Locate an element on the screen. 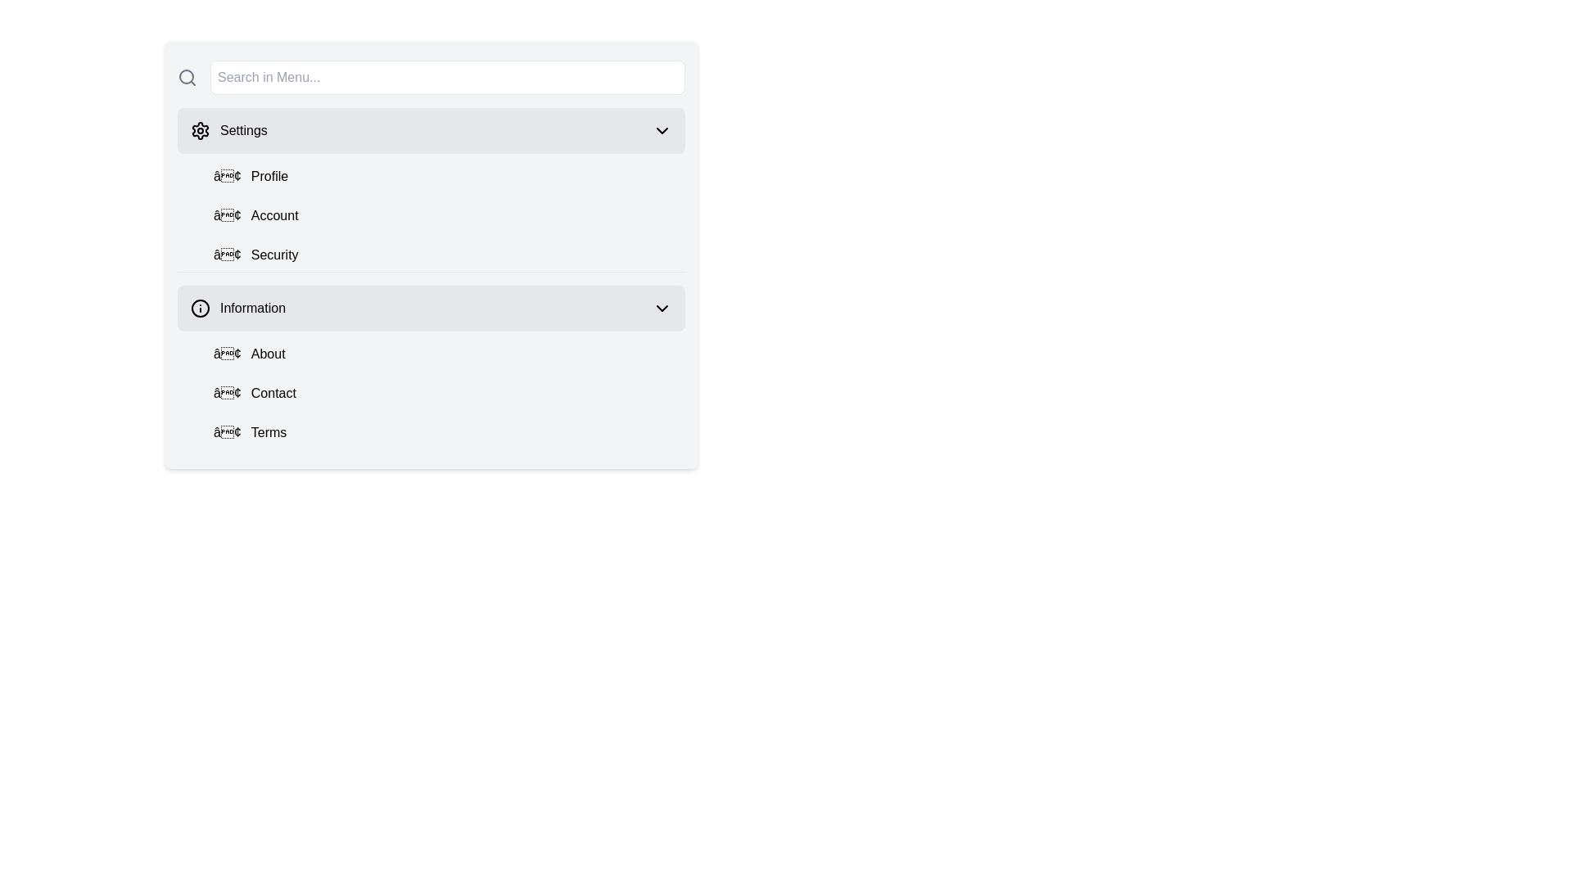 This screenshot has width=1572, height=884. the 'Information' label in the menu, which is positioned below the 'Settings' category and to the right of the 'info' icon is located at coordinates (251, 309).